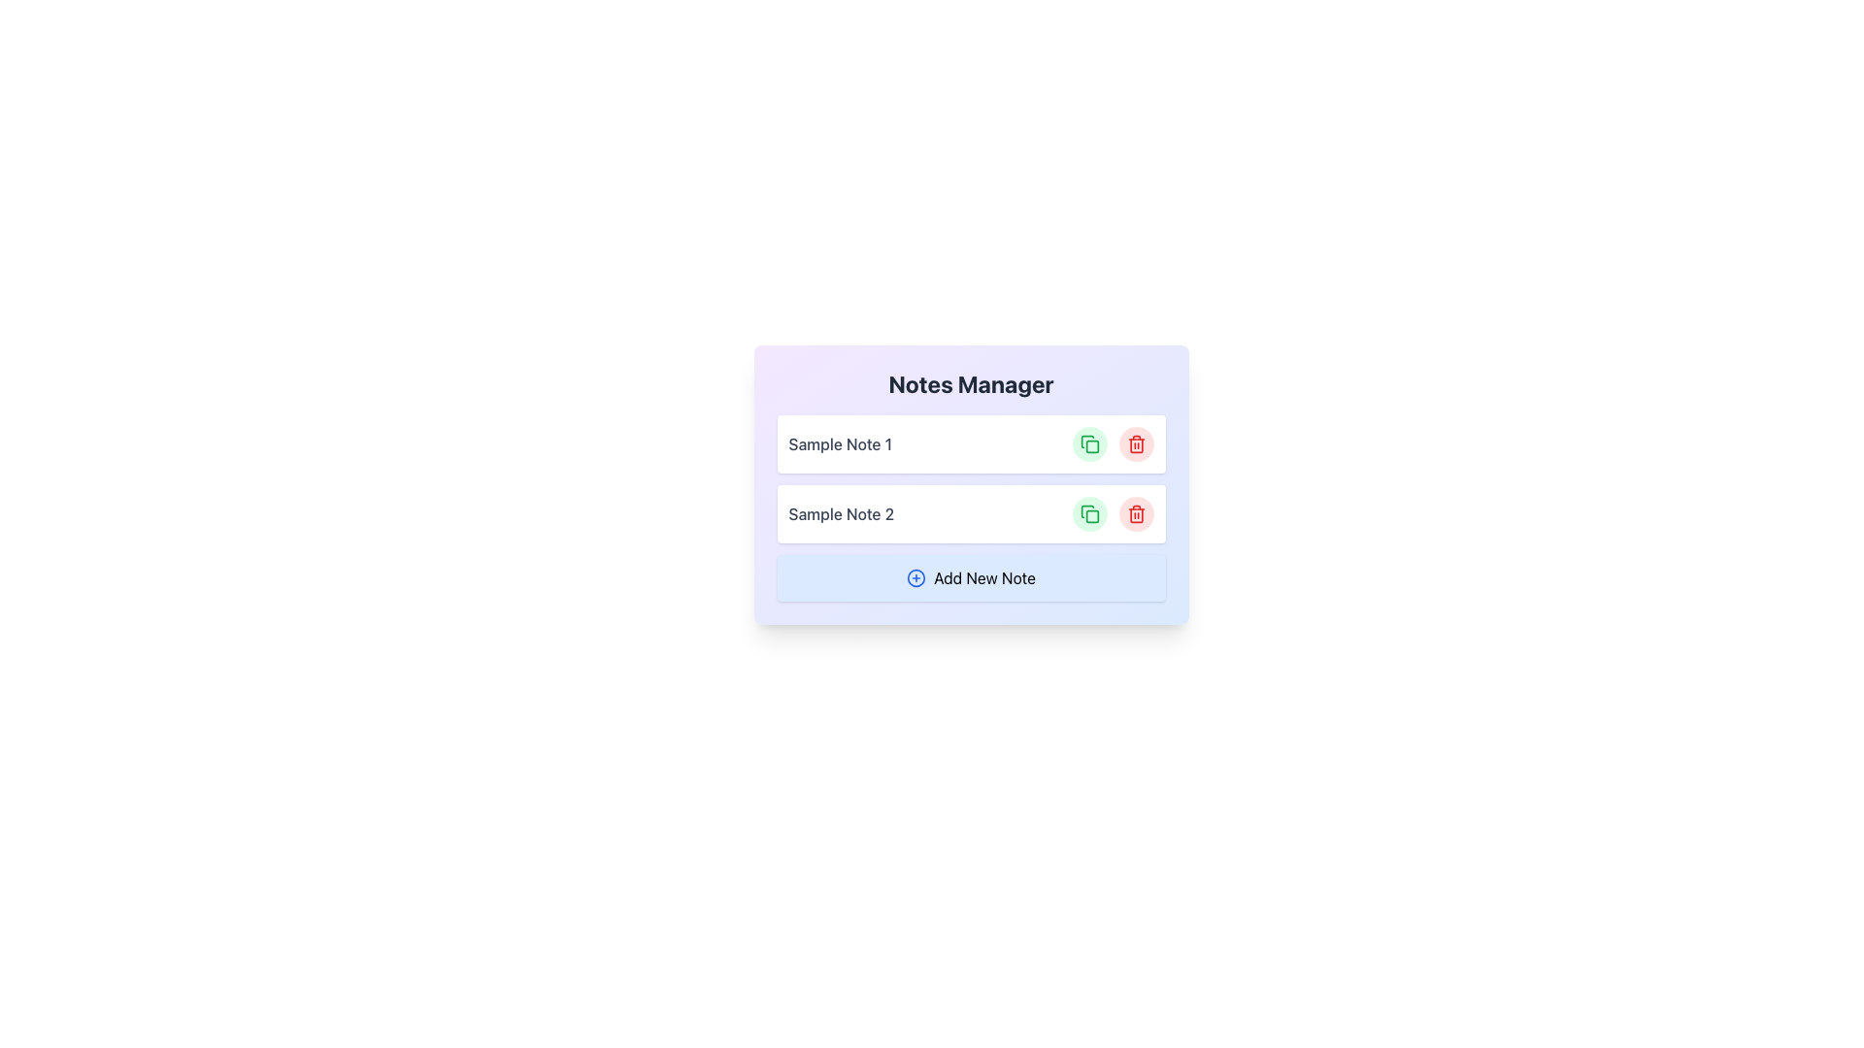 The height and width of the screenshot is (1048, 1864). What do you see at coordinates (1136, 512) in the screenshot?
I see `the red trash bin icon located on the right side of the 'Sample Note 2' row in the 'Notes Manager'` at bounding box center [1136, 512].